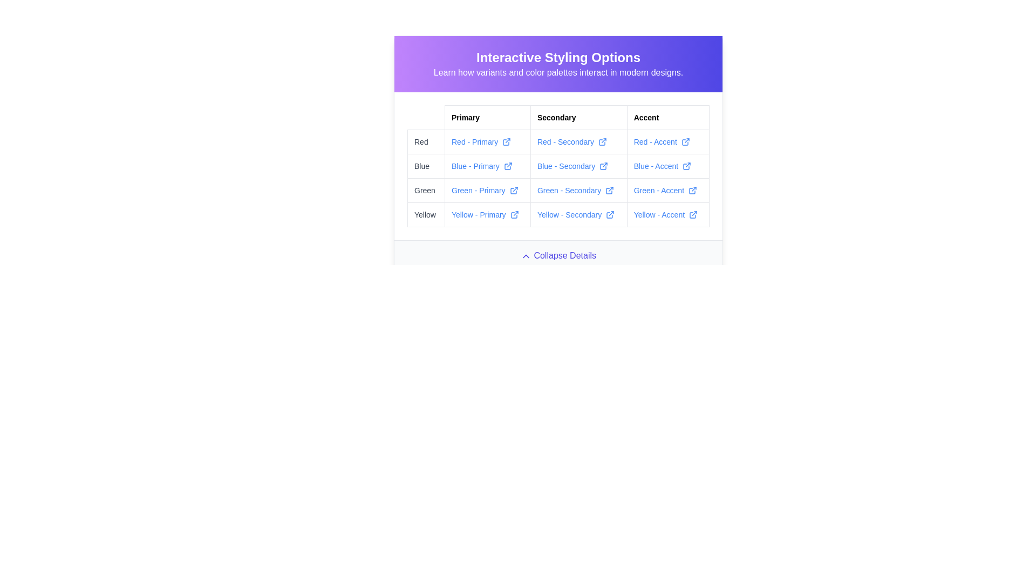 The height and width of the screenshot is (583, 1036). I want to click on the hyperlink 'Red - Secondary' with an external link icon, so click(558, 141).